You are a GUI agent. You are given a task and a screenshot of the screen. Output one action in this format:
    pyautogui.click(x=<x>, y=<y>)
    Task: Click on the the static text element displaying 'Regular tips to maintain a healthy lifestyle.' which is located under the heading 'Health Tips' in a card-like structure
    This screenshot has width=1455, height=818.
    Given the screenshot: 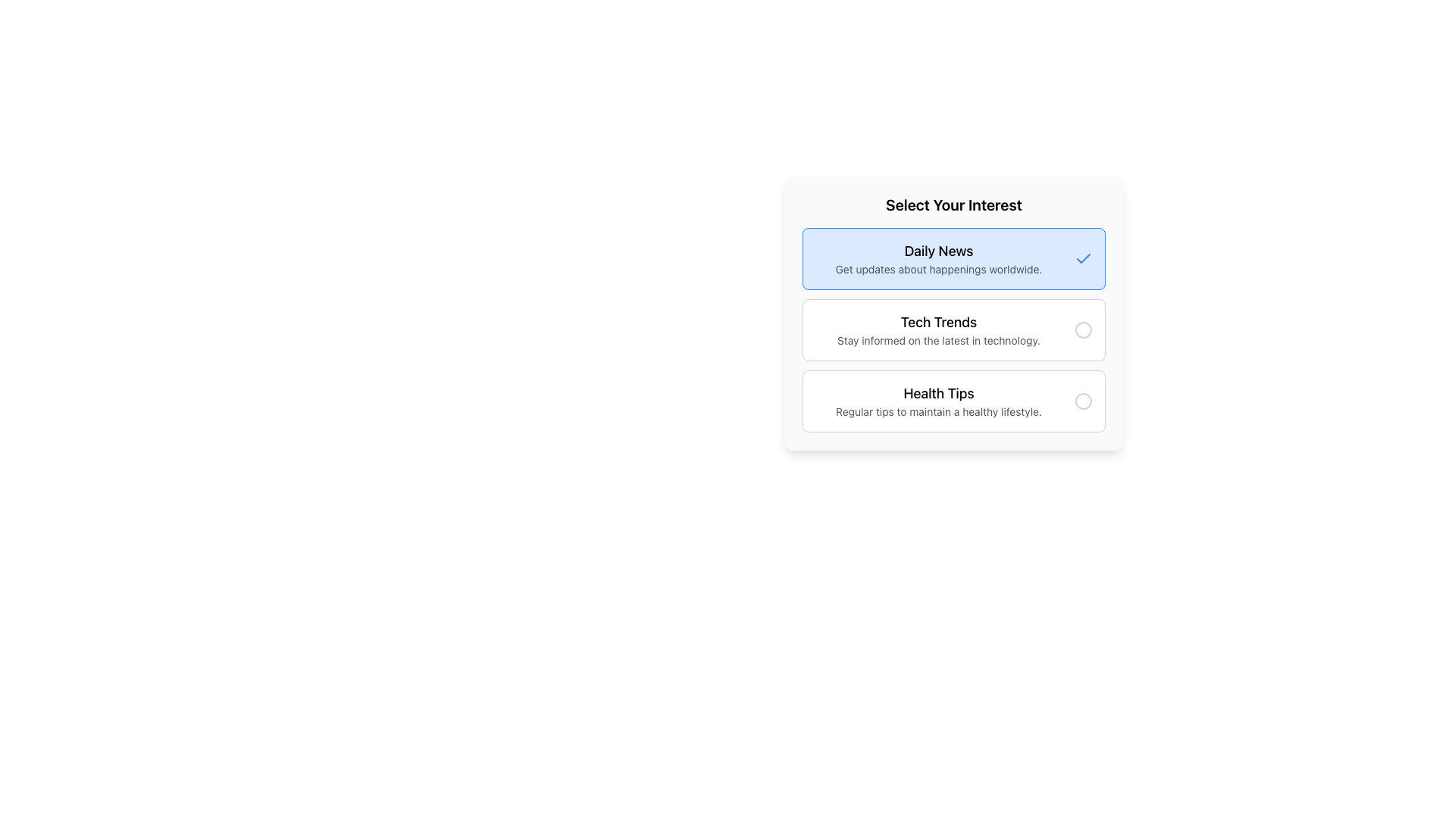 What is the action you would take?
    pyautogui.click(x=937, y=411)
    